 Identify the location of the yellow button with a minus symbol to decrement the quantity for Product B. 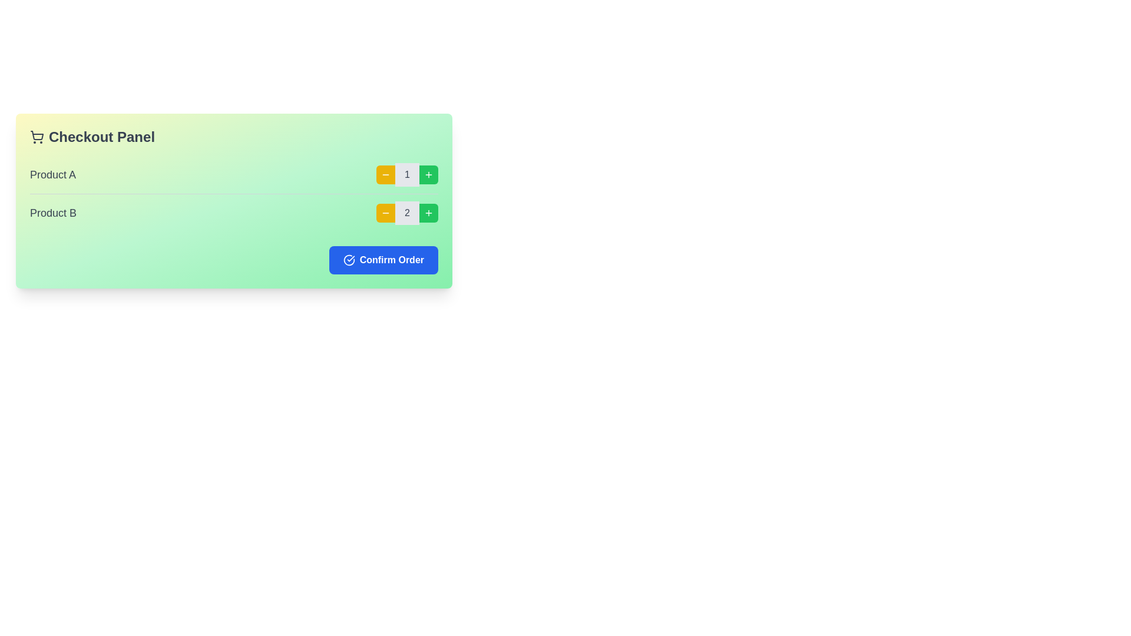
(386, 213).